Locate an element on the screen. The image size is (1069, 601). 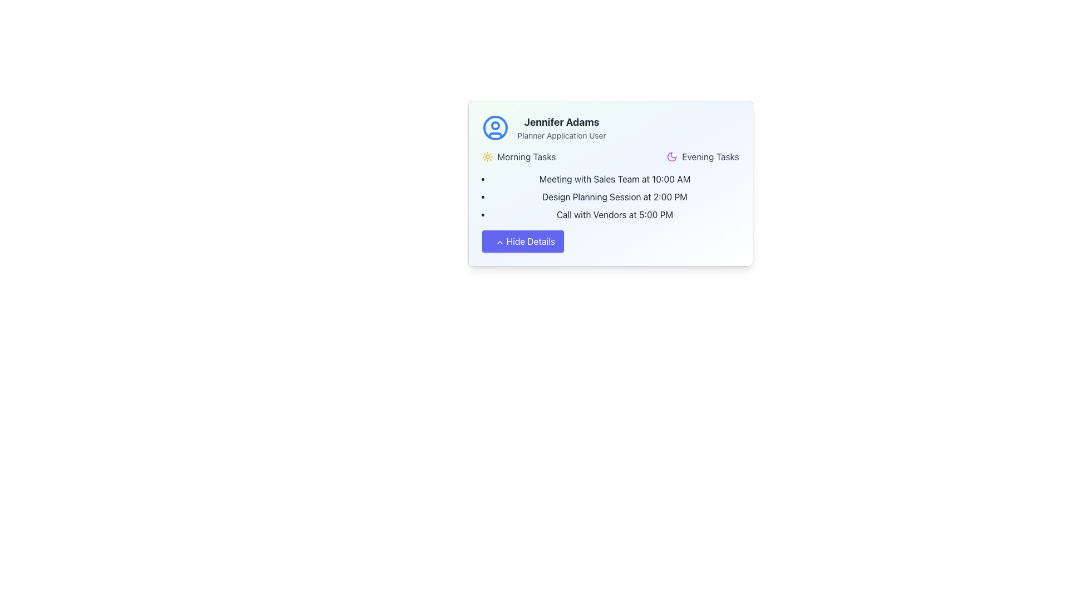
the 'Morning Tasks' text label is located at coordinates (526, 156).